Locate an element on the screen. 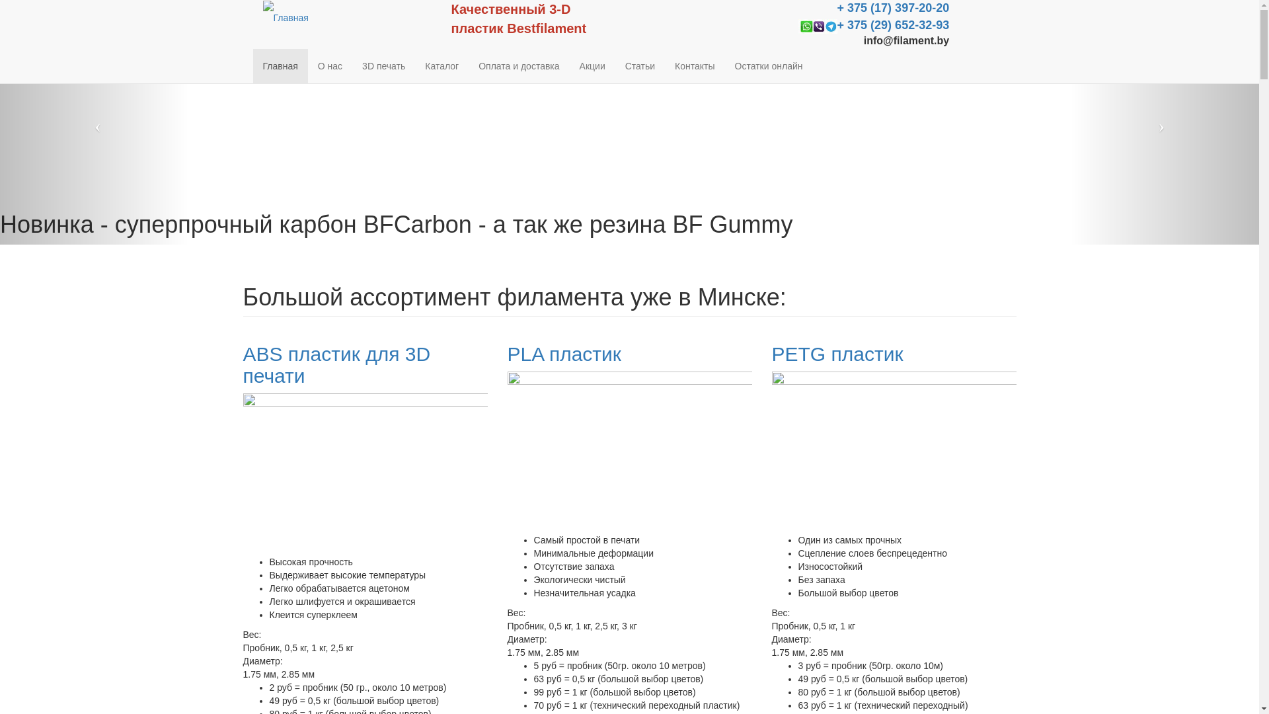 The width and height of the screenshot is (1269, 714). '+ 375 (17) 397-20-20' is located at coordinates (894, 8).